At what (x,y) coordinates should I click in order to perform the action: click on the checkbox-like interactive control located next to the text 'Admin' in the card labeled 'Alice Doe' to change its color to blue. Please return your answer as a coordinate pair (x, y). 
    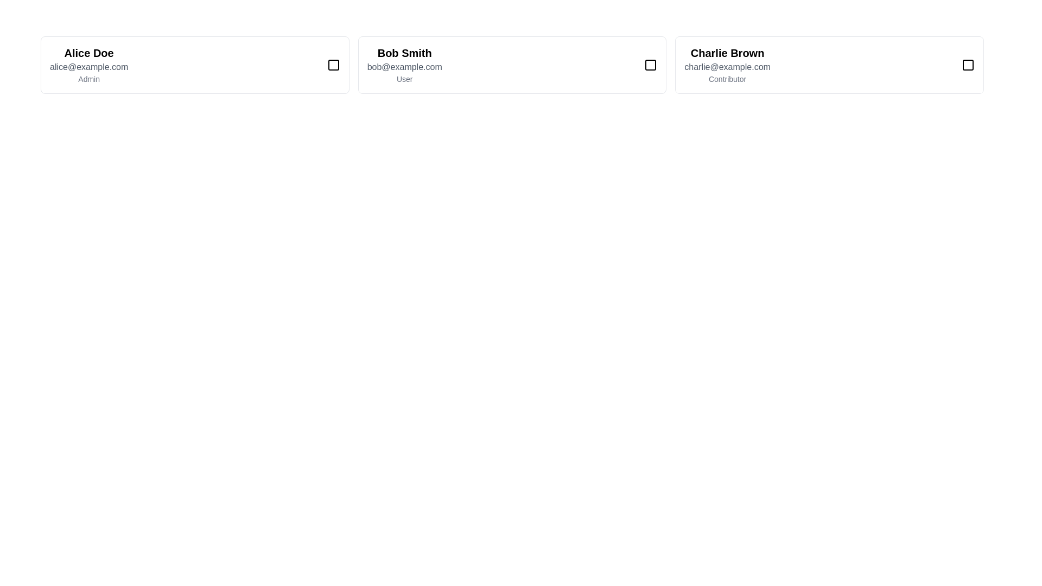
    Looking at the image, I should click on (333, 65).